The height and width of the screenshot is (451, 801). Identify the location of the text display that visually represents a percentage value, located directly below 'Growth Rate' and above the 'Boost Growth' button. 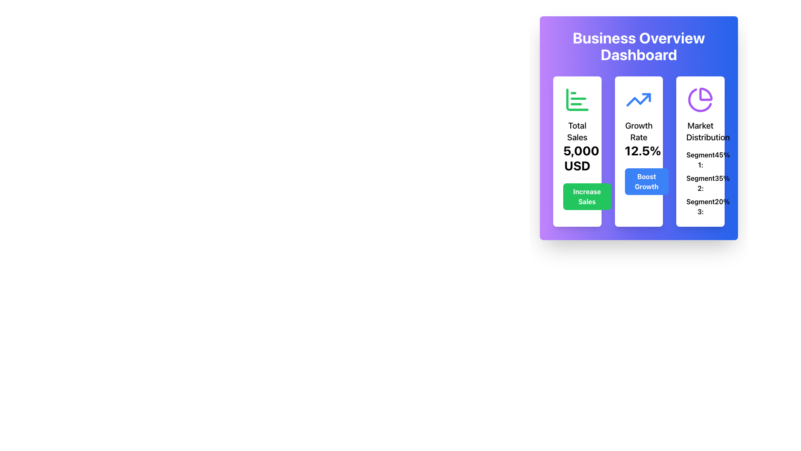
(638, 151).